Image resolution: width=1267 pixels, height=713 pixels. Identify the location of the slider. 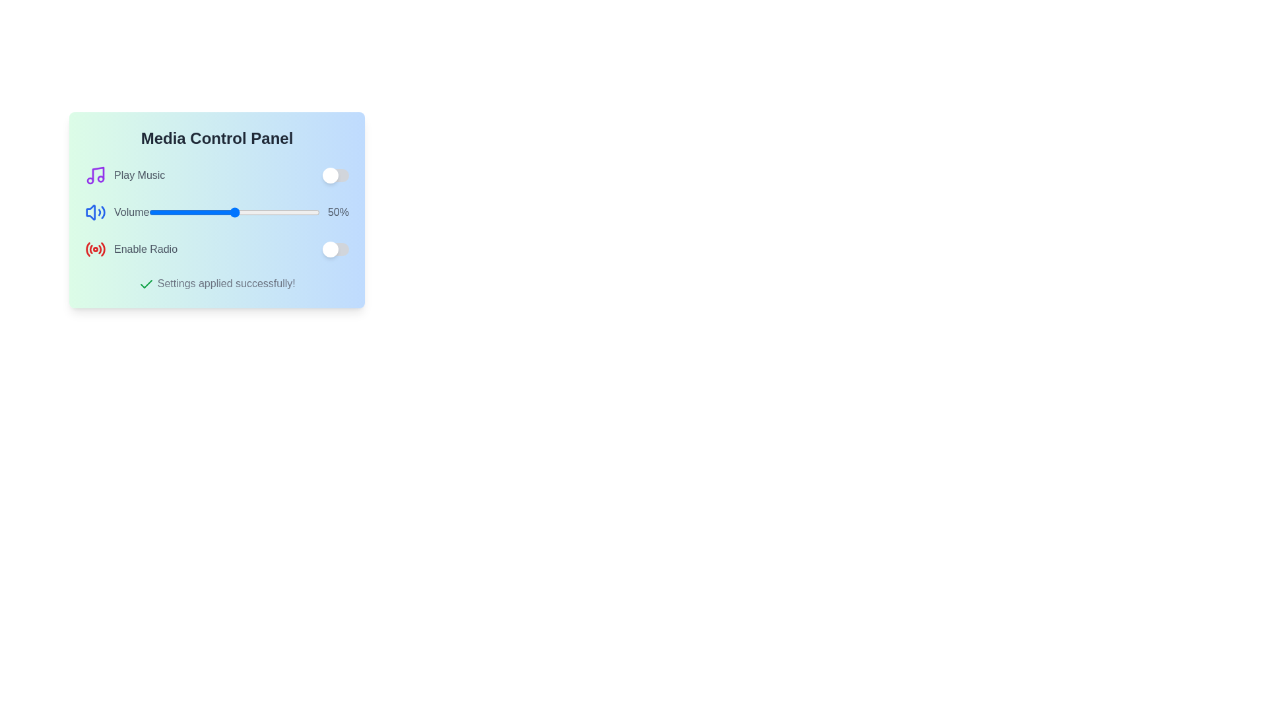
(209, 211).